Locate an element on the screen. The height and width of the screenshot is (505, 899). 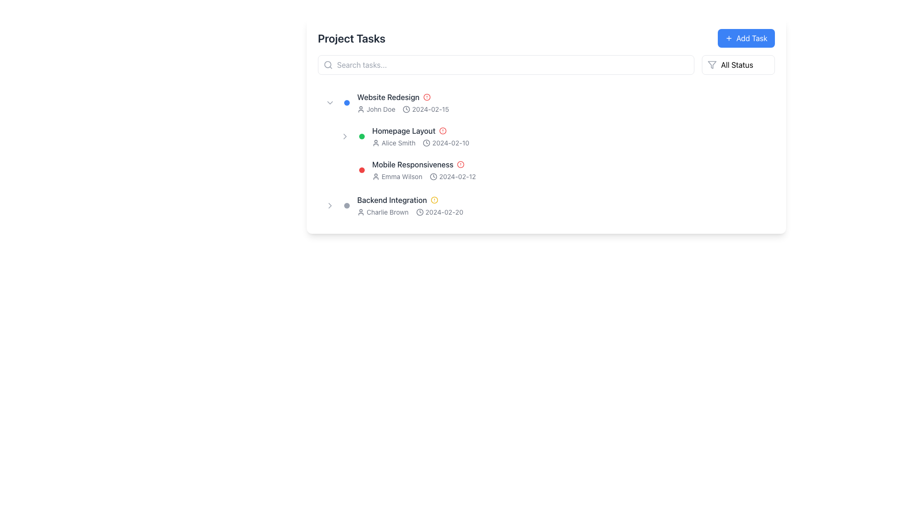
the filter button located near the top-right corner of the interface is located at coordinates (738, 64).